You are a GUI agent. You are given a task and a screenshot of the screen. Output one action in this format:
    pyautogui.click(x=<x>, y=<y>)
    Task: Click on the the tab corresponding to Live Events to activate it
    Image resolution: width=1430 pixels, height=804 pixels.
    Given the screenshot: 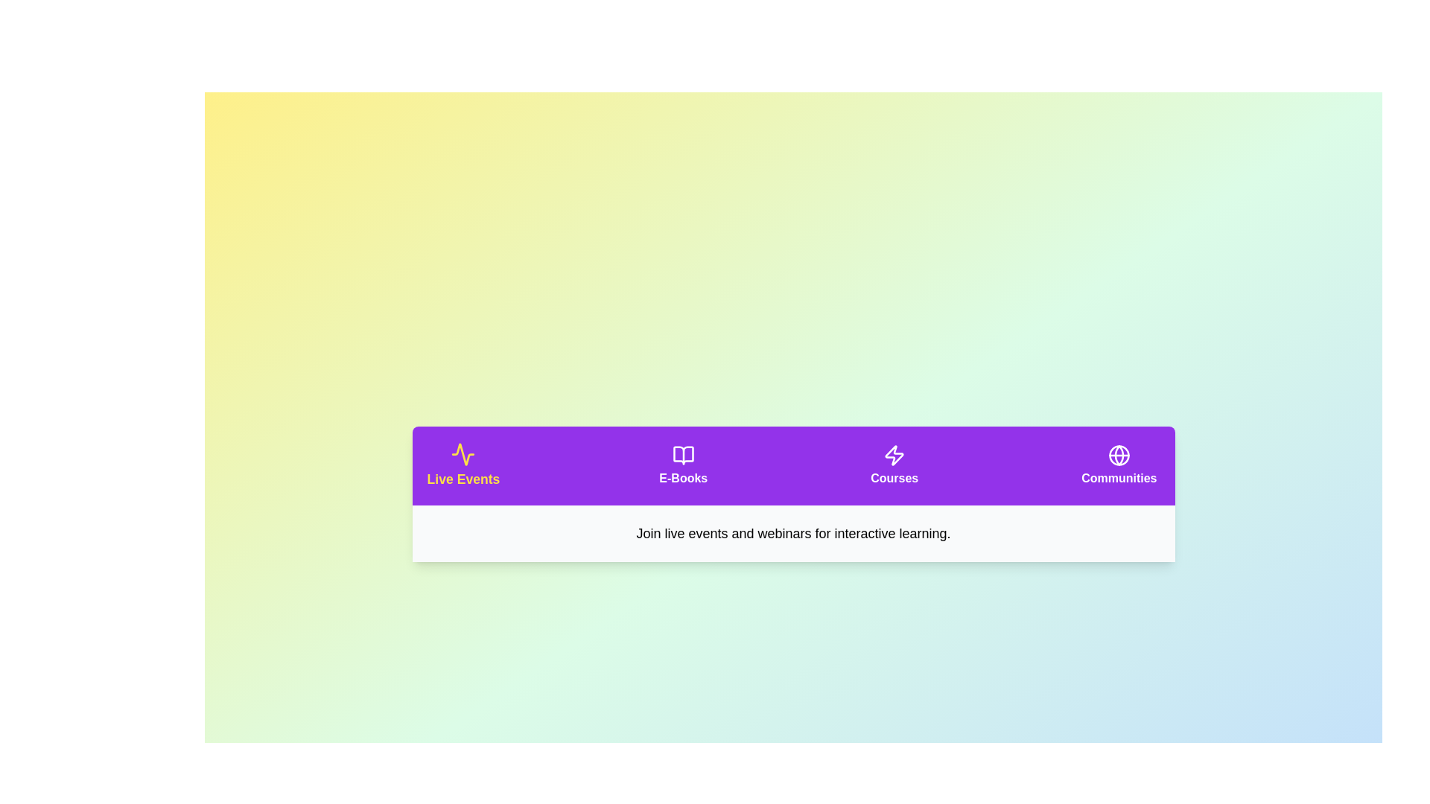 What is the action you would take?
    pyautogui.click(x=462, y=465)
    